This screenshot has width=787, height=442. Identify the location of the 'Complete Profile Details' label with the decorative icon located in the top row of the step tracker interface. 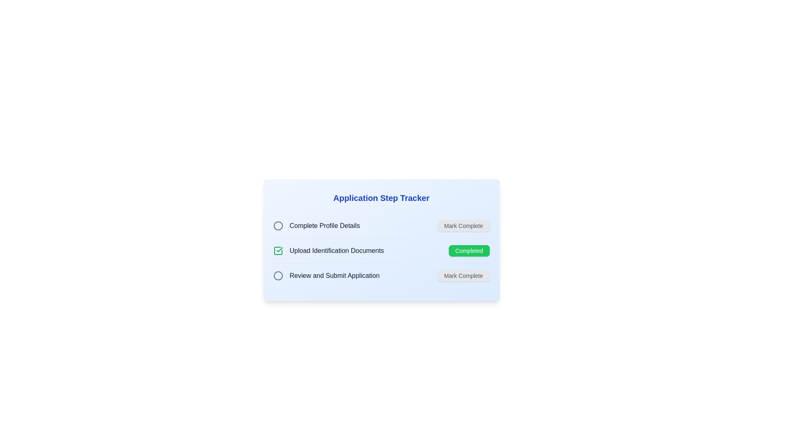
(316, 226).